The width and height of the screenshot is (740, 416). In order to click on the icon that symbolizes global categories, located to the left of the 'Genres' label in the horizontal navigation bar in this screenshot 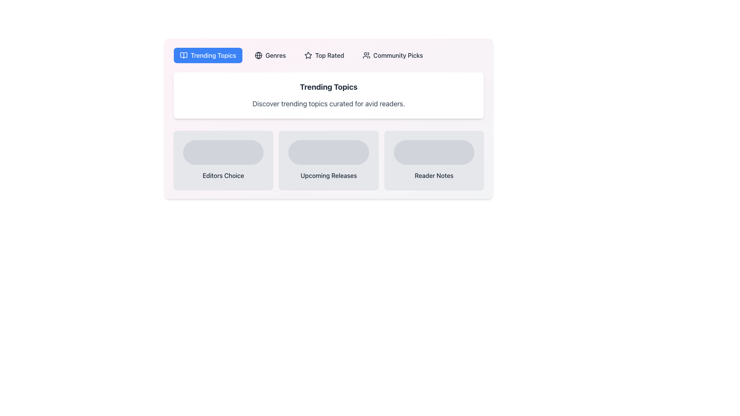, I will do `click(258, 55)`.